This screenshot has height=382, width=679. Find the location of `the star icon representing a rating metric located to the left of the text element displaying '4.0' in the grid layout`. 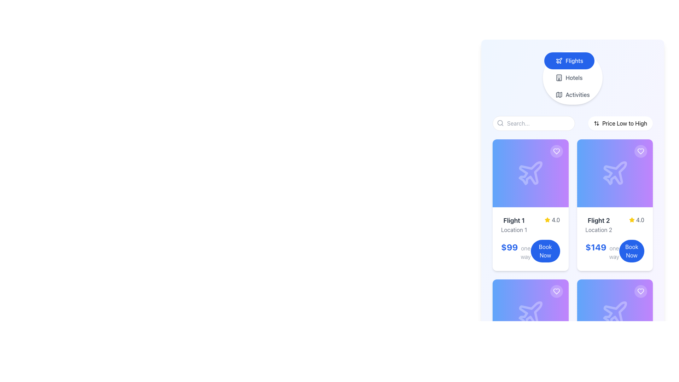

the star icon representing a rating metric located to the left of the text element displaying '4.0' in the grid layout is located at coordinates (547, 219).